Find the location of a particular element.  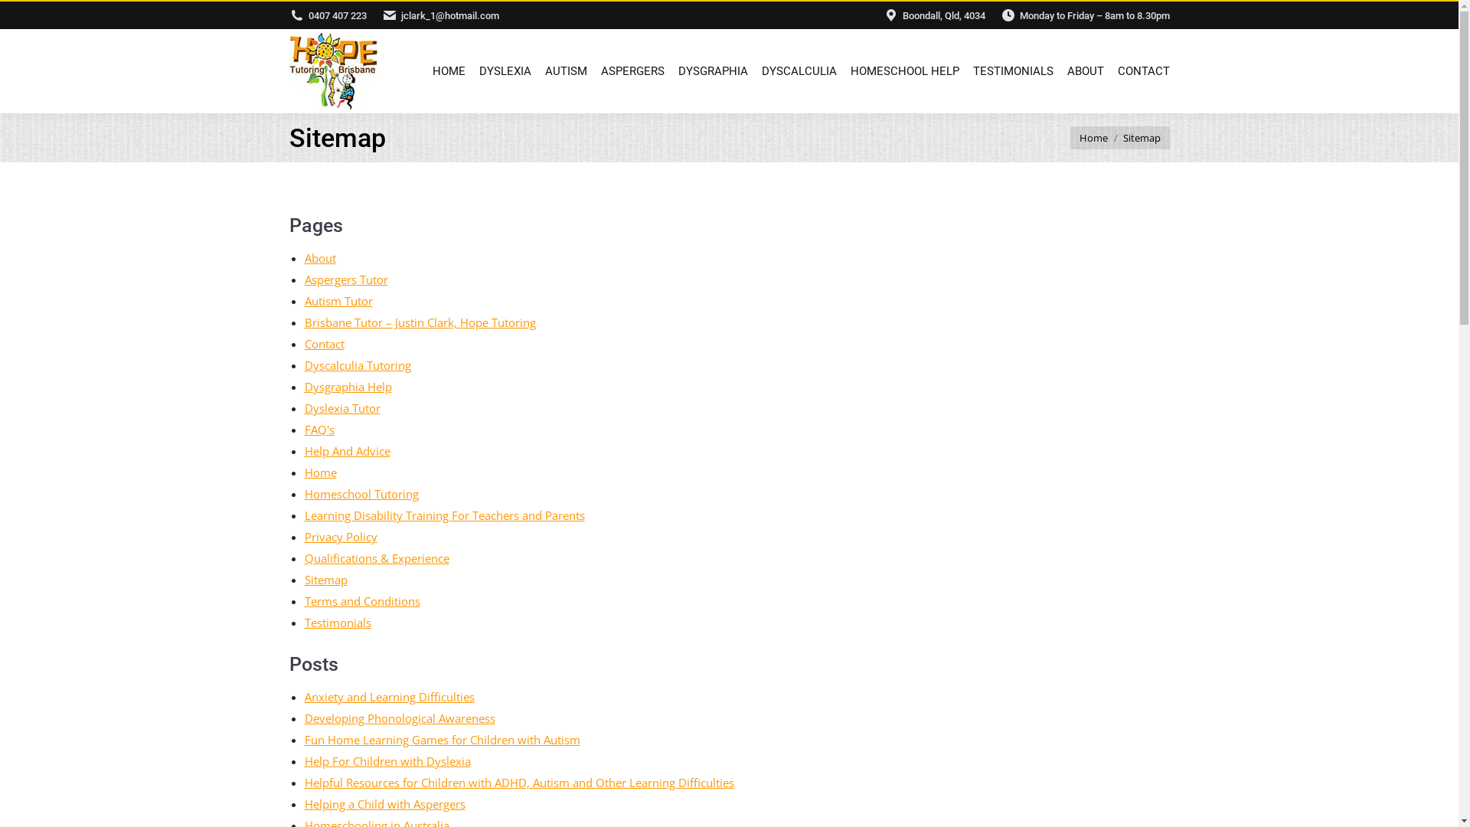

'HOME' is located at coordinates (426, 70).